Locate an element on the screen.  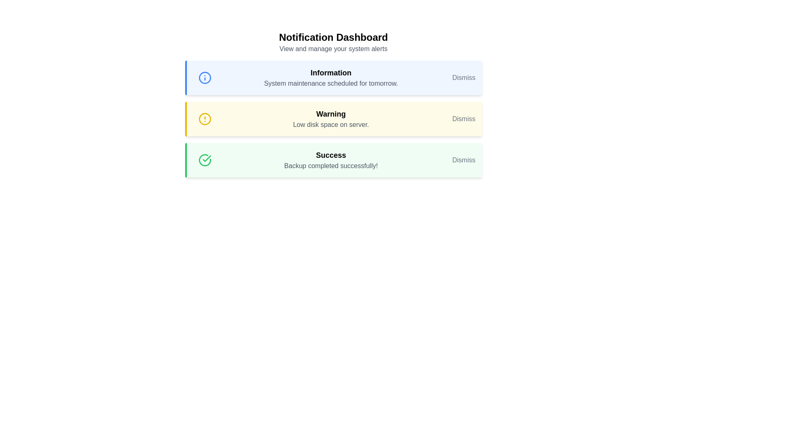
the static text displaying 'Backup completed successfully!' within the green success notification card located near the bottom of the notification dashboard is located at coordinates (331, 166).